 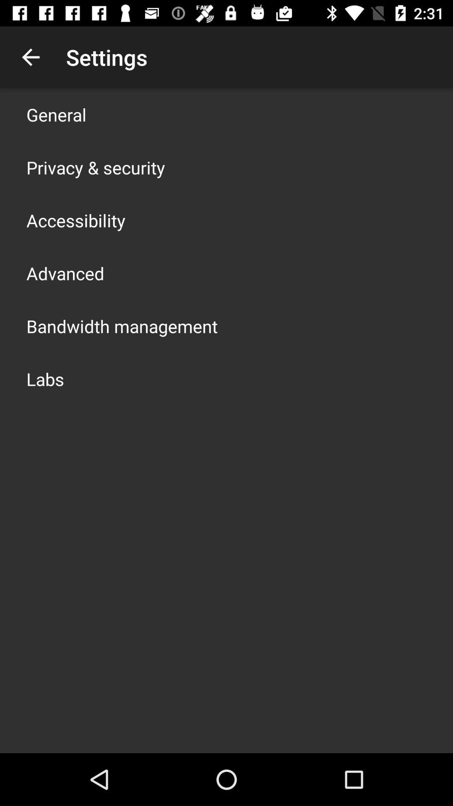 I want to click on item below the accessibility item, so click(x=65, y=273).